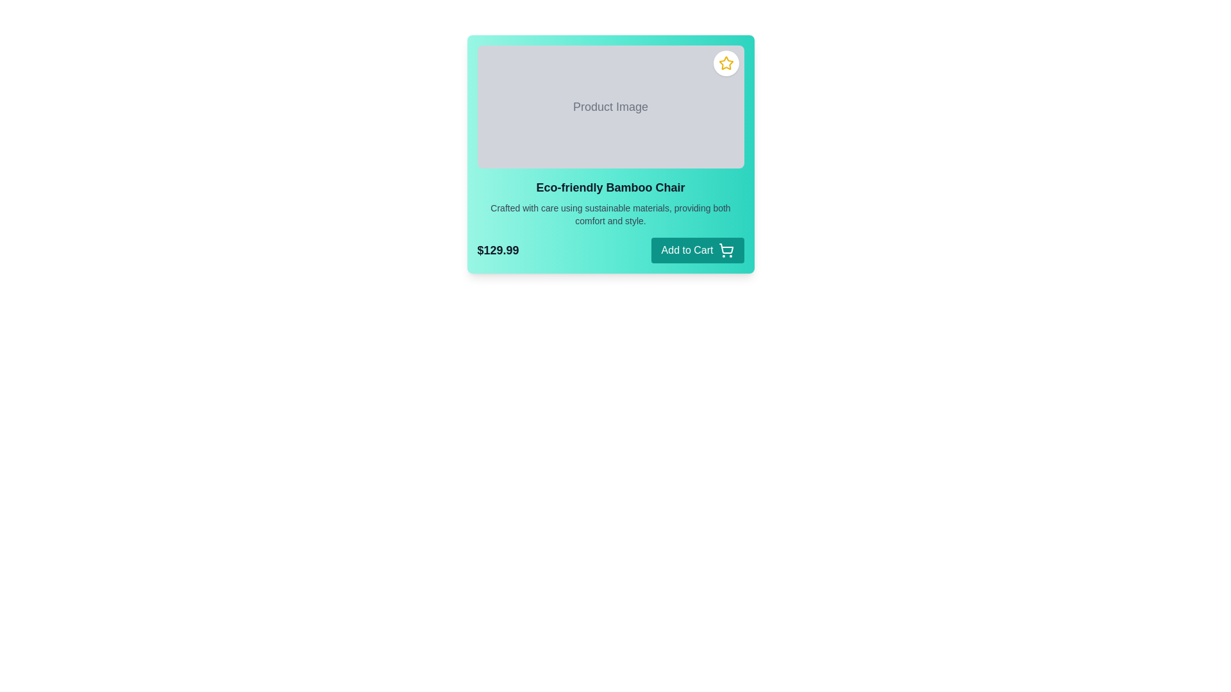 The height and width of the screenshot is (692, 1231). Describe the element at coordinates (610, 214) in the screenshot. I see `the text block that provides a descriptive summary of the product, located below the title 'Eco-friendly Bamboo Chair' in the product card` at that location.